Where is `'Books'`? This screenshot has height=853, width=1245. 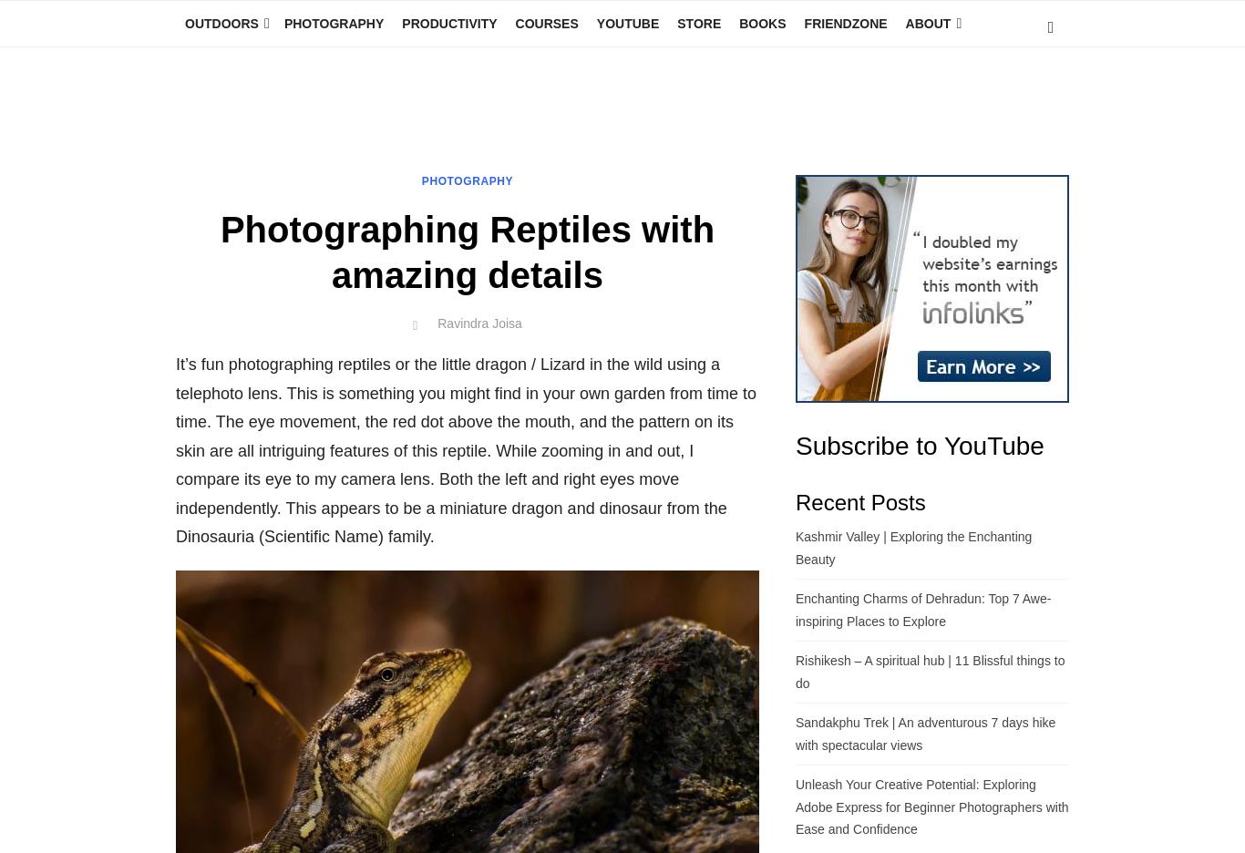 'Books' is located at coordinates (737, 23).